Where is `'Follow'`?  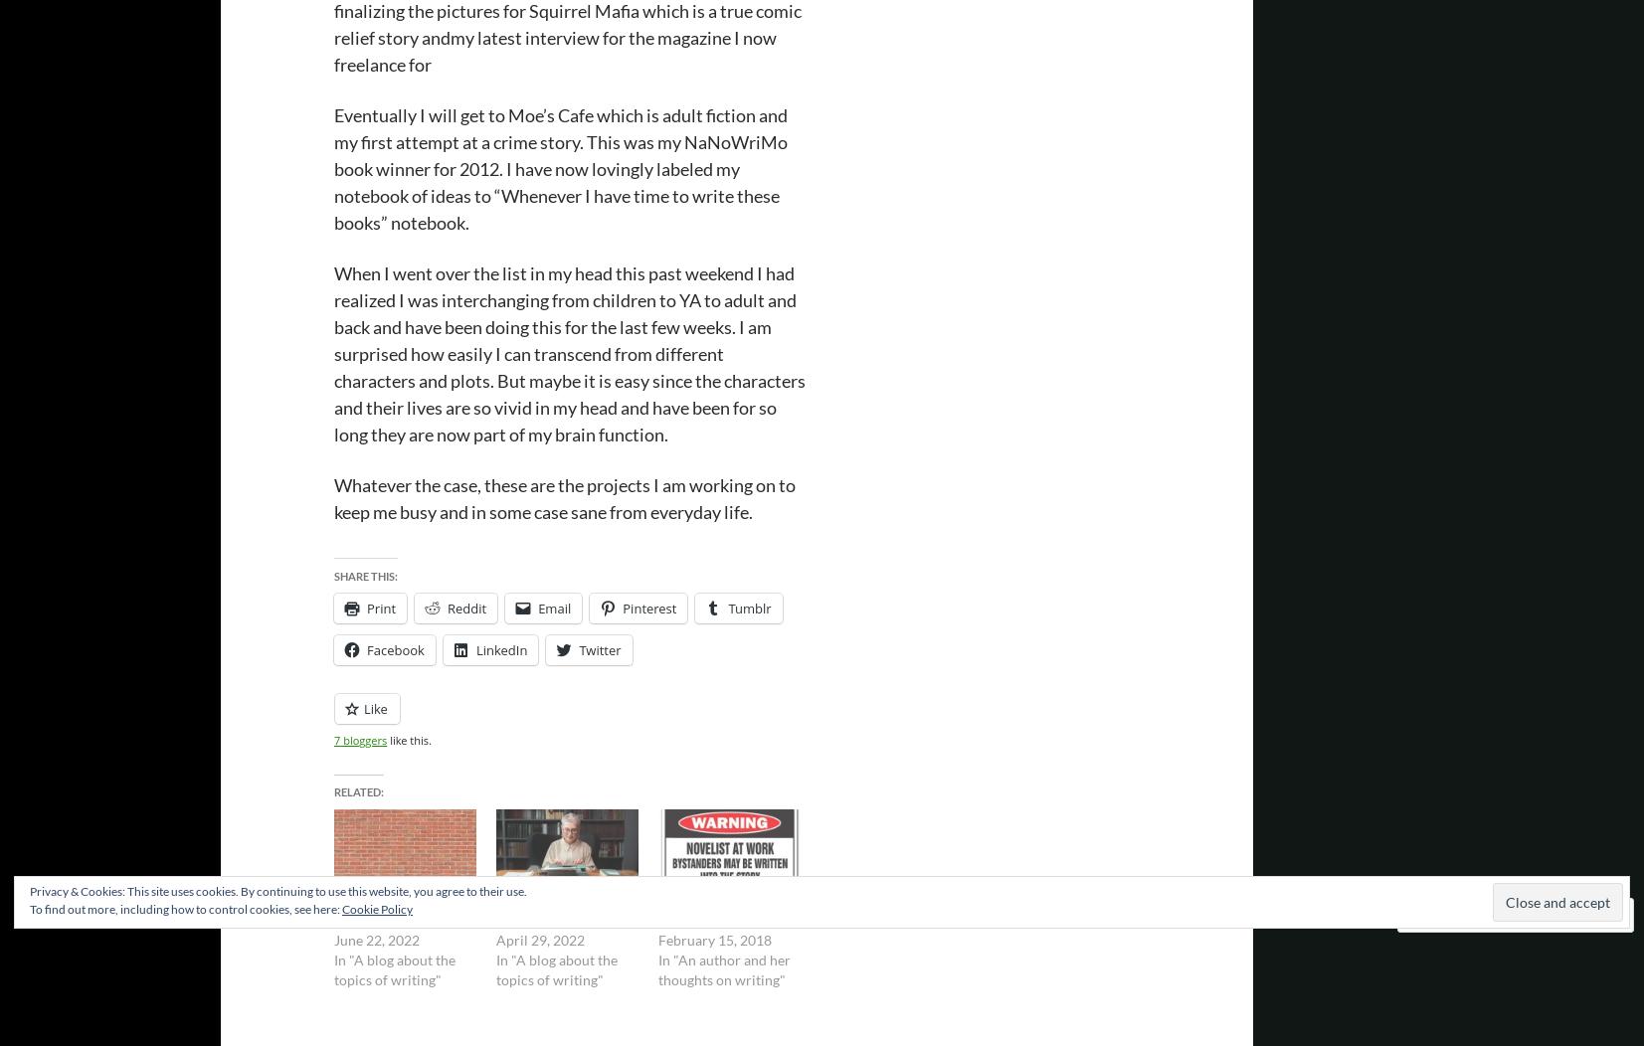 'Follow' is located at coordinates (1544, 915).